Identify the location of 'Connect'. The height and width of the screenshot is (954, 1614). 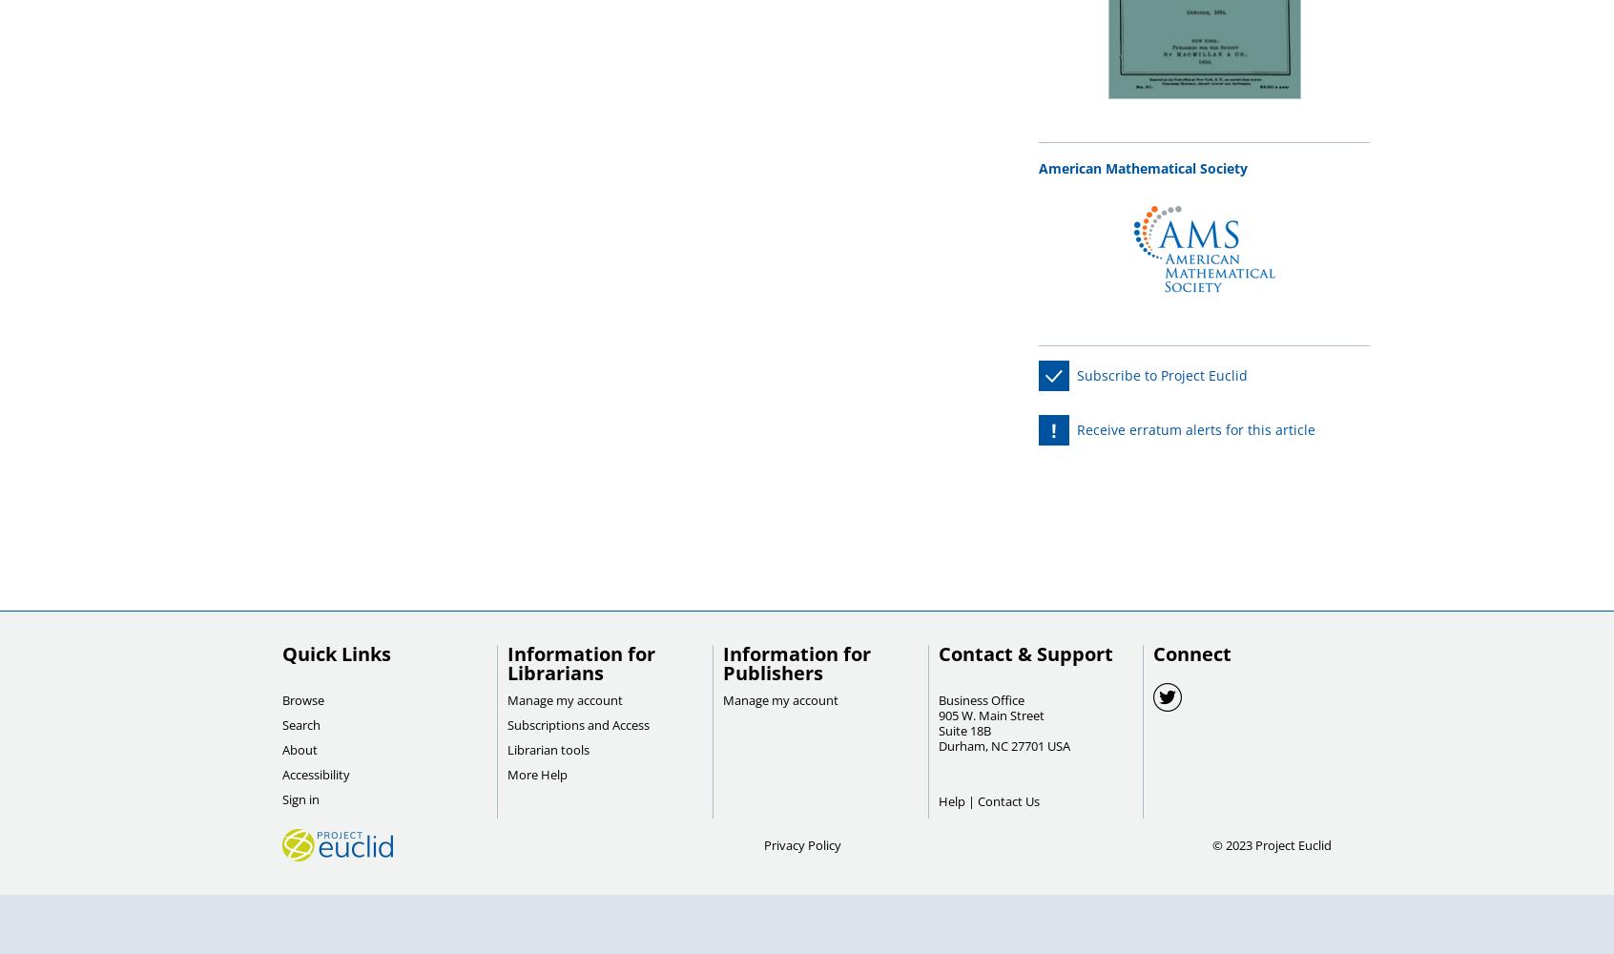
(1192, 653).